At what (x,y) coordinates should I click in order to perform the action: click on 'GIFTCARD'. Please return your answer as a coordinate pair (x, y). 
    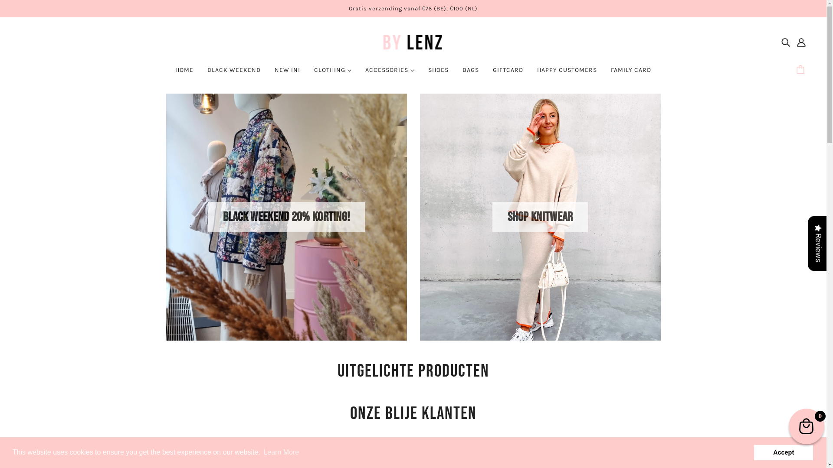
    Looking at the image, I should click on (508, 73).